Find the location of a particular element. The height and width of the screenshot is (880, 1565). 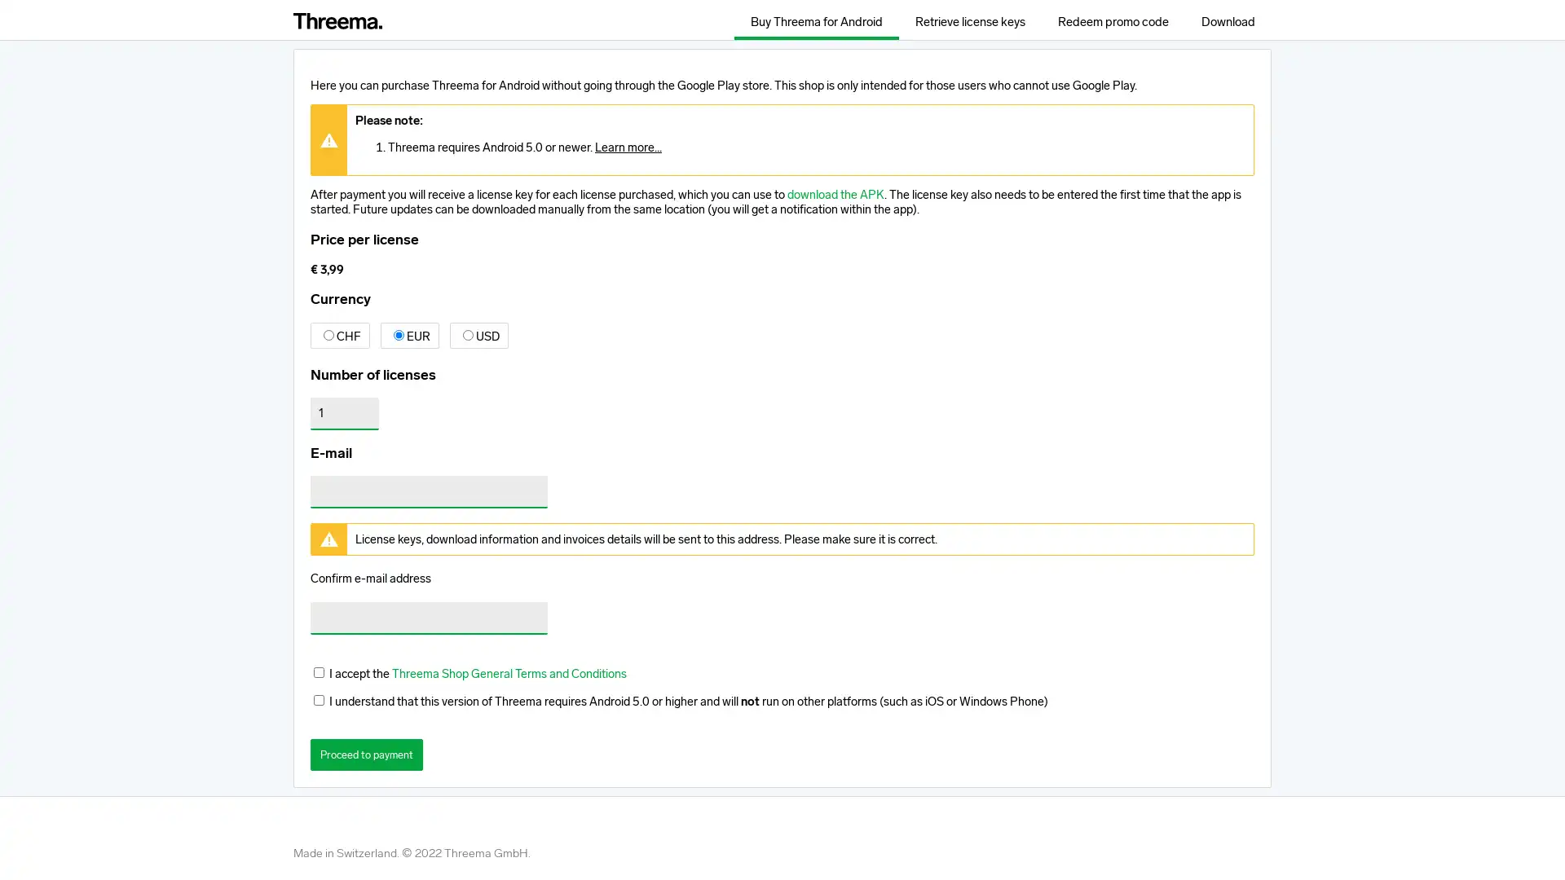

Proceed to payment is located at coordinates (366, 754).